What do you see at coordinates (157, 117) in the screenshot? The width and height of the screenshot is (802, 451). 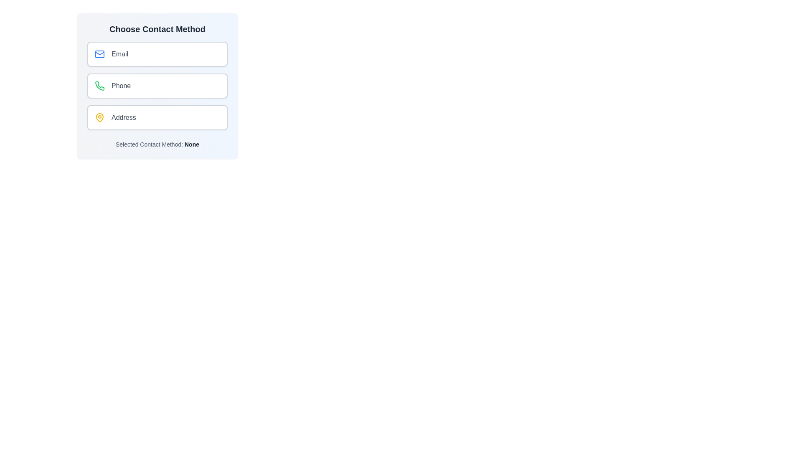 I see `the contact method Address by clicking on its corresponding chip` at bounding box center [157, 117].